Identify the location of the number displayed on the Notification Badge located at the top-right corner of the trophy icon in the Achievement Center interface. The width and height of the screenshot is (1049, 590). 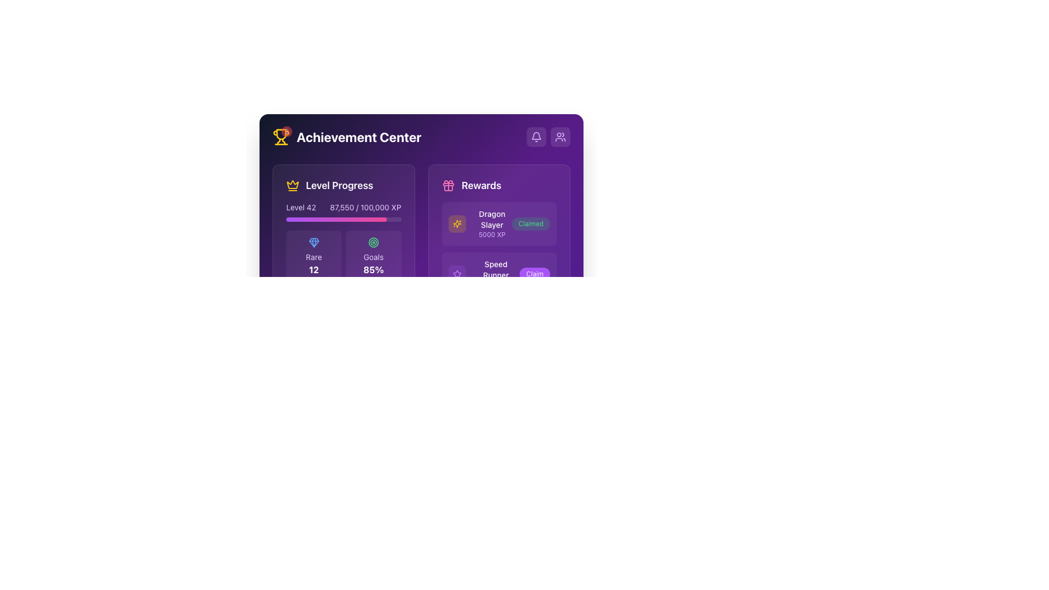
(286, 131).